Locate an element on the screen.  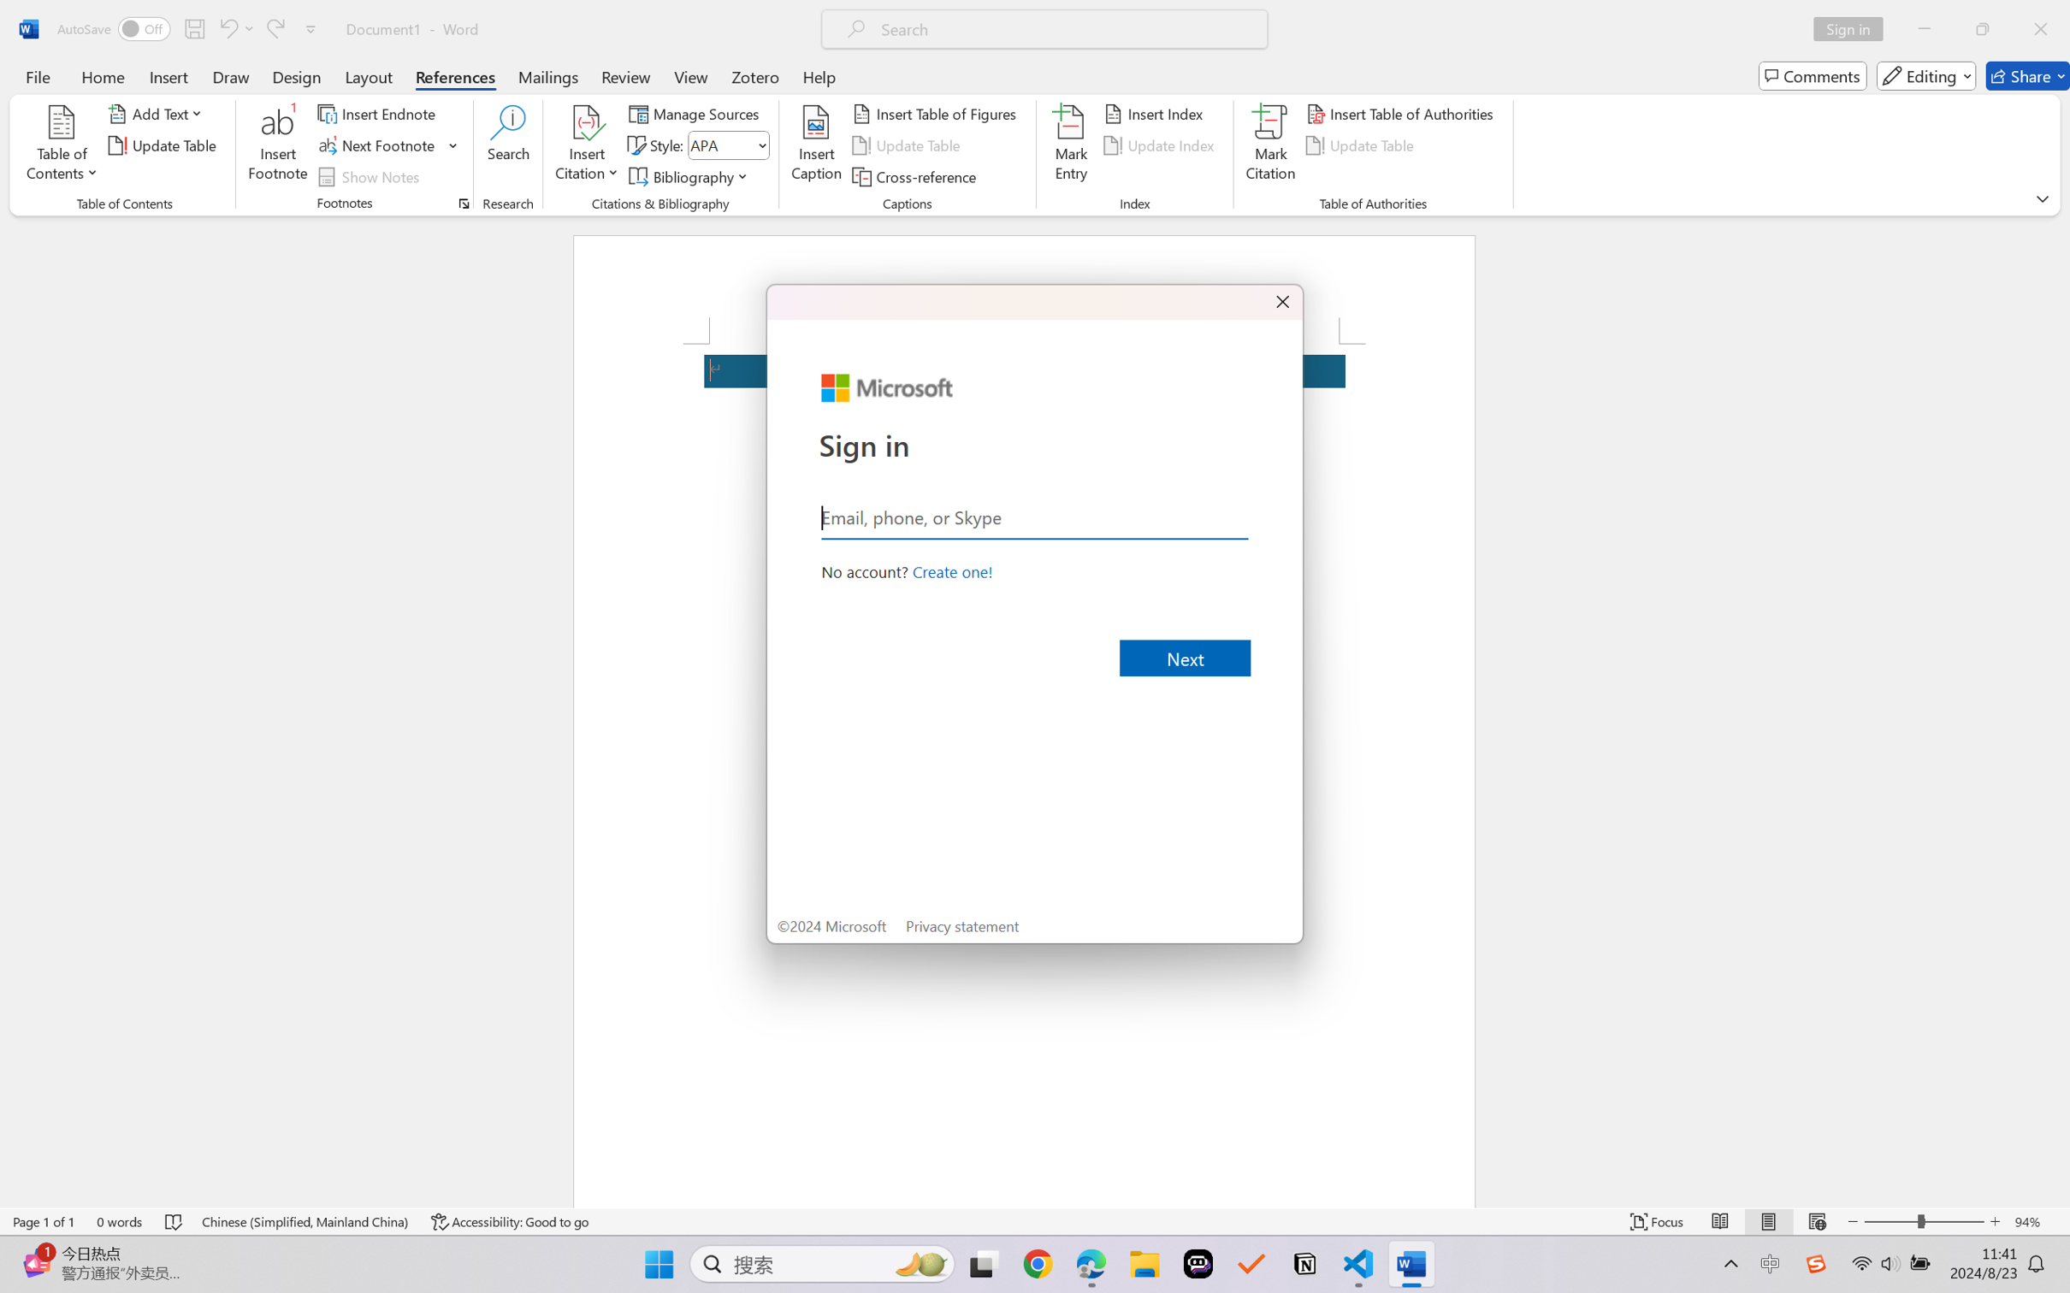
'Manage Sources...' is located at coordinates (696, 112).